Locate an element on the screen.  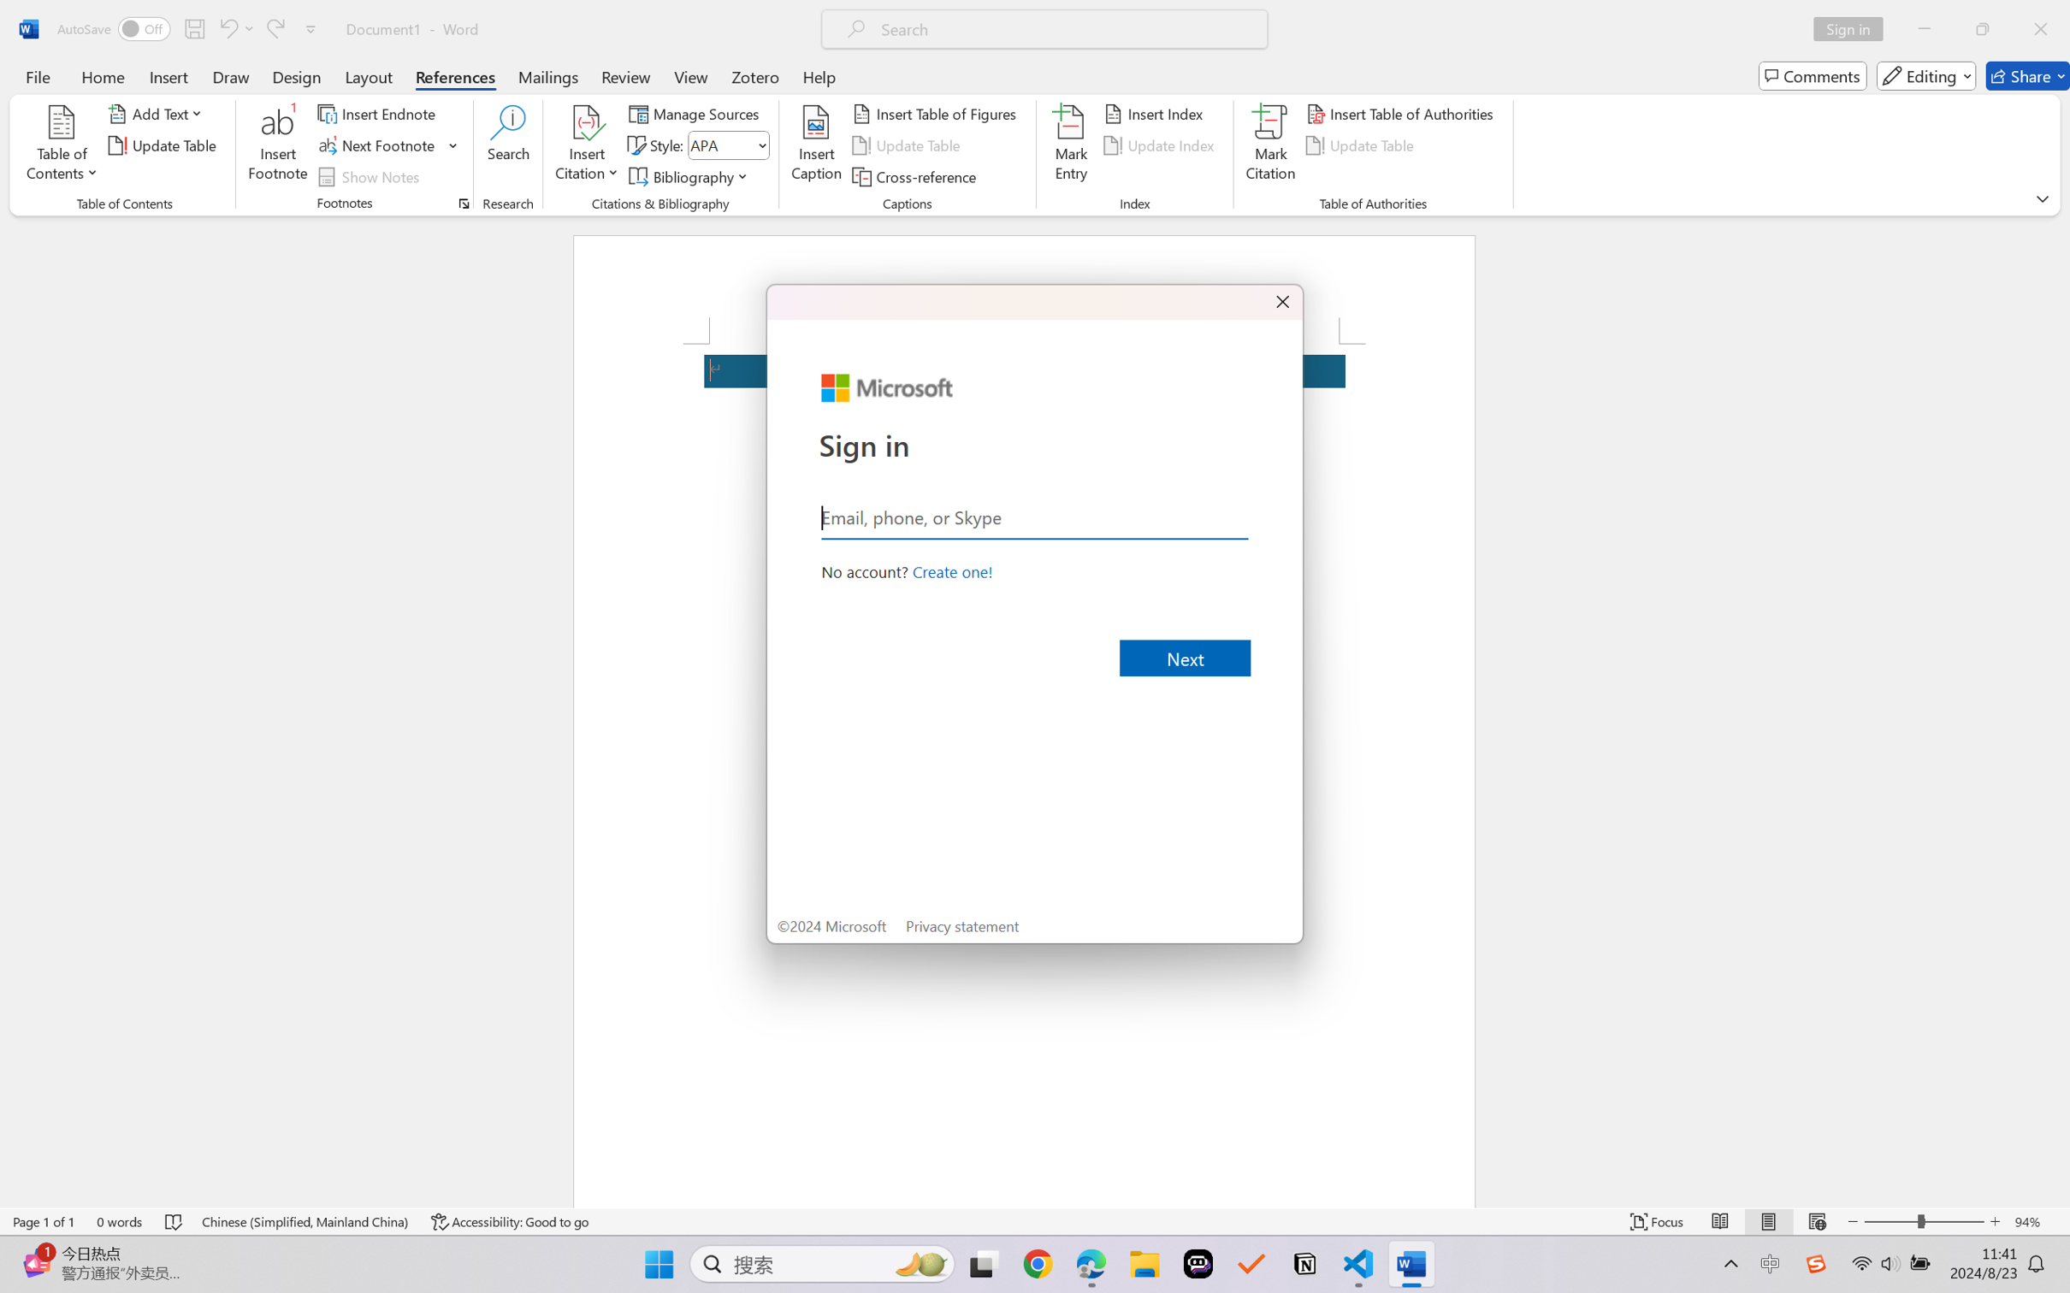
'Manage Sources...' is located at coordinates (696, 112).